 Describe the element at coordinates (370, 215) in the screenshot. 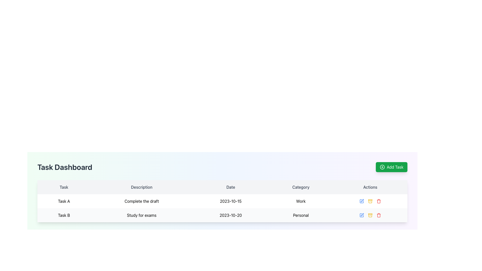

I see `the yellow archive box icon located in the Actions column of the second row to archive Task B` at that location.